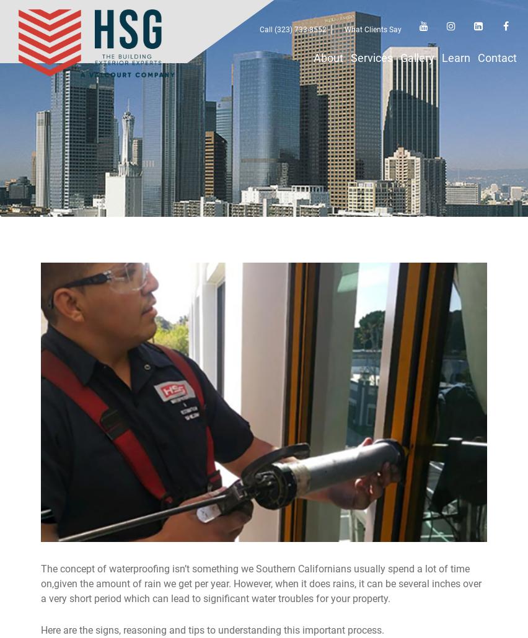 This screenshot has width=528, height=638. What do you see at coordinates (261, 590) in the screenshot?
I see `'it can be several inches over a'` at bounding box center [261, 590].